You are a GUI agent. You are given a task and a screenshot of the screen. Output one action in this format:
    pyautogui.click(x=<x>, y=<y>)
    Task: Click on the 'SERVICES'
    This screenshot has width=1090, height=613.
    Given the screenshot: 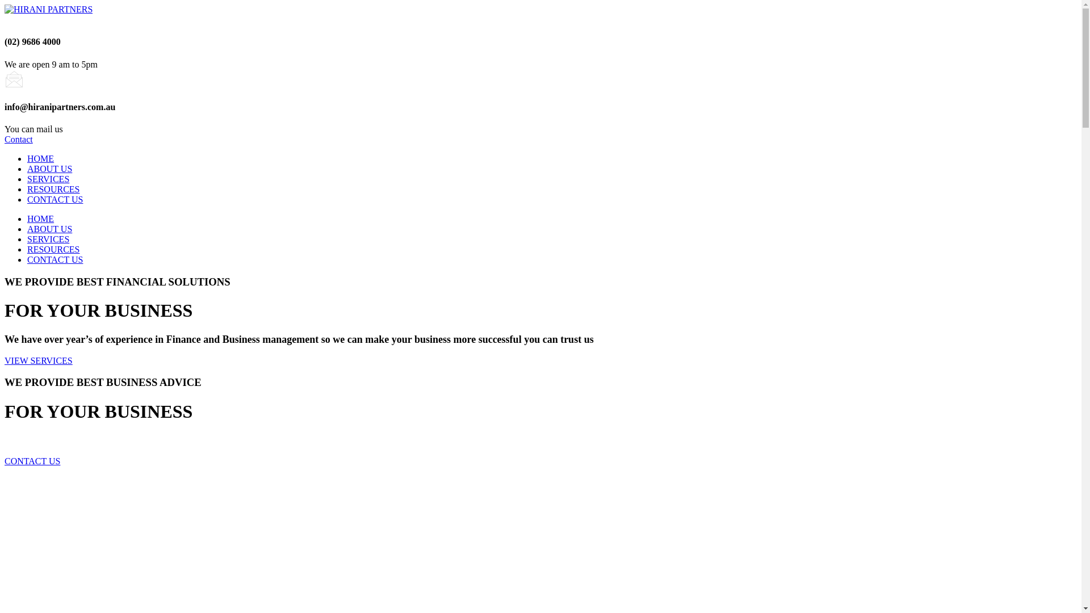 What is the action you would take?
    pyautogui.click(x=48, y=238)
    